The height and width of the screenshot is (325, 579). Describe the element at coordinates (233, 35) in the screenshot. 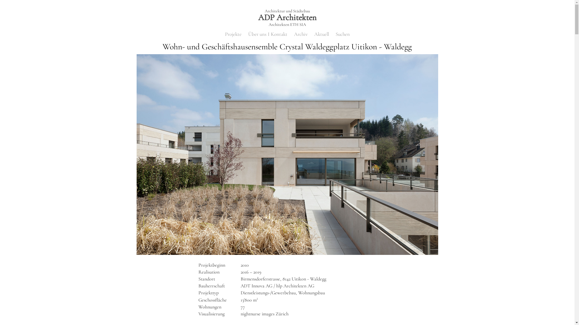

I see `'Projekte'` at that location.